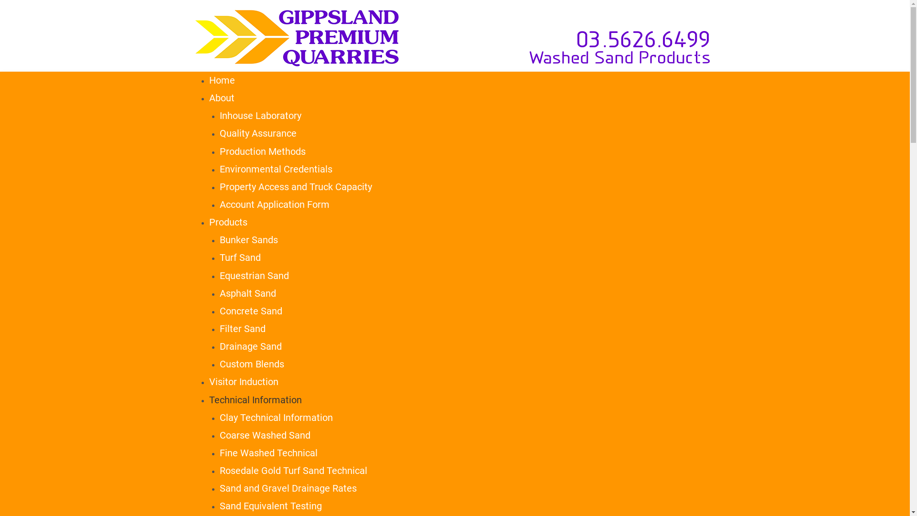  I want to click on 'Custom Blends', so click(252, 364).